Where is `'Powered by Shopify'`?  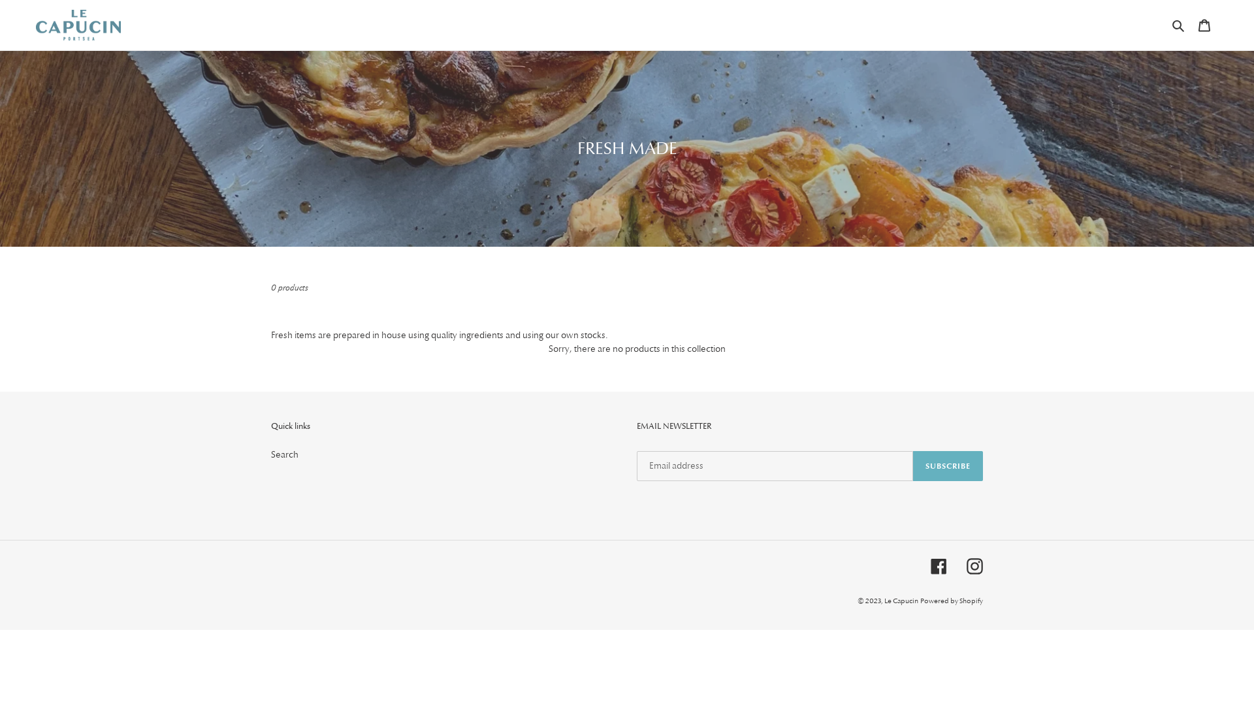 'Powered by Shopify' is located at coordinates (952, 601).